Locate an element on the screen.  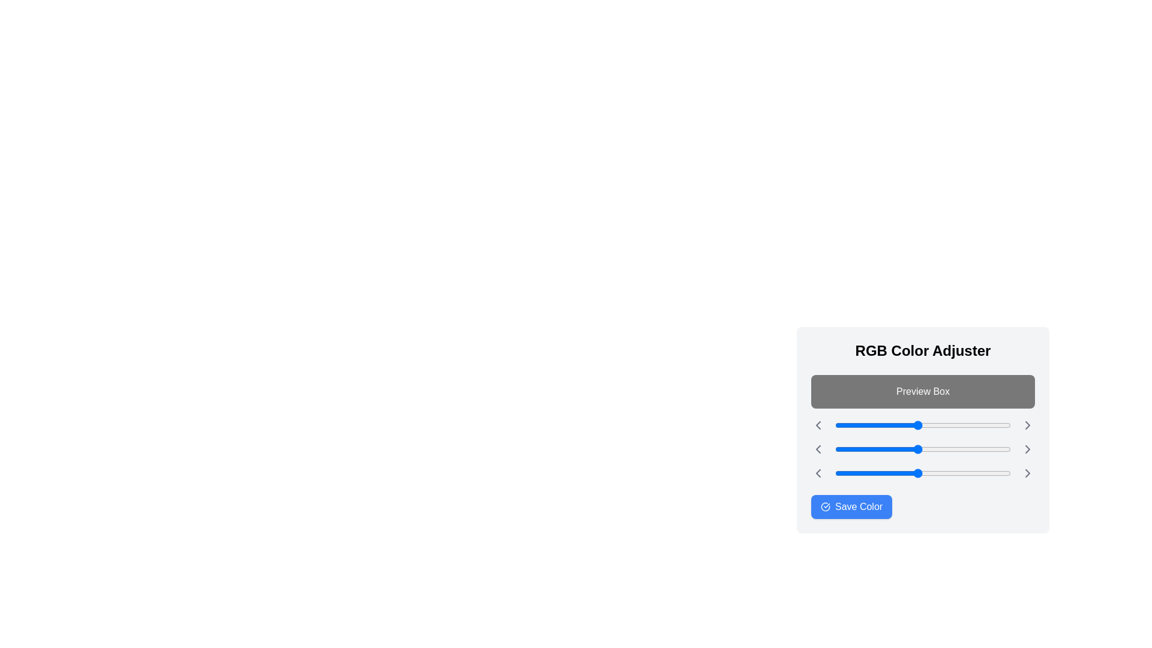
the red color slider to 117 (0-255) is located at coordinates (915, 425).